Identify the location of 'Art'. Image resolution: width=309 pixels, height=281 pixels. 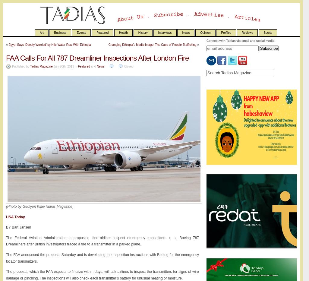
(39, 33).